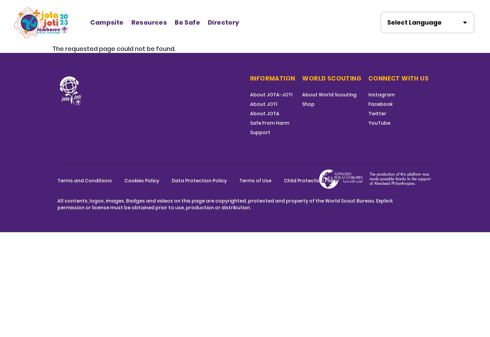 Image resolution: width=490 pixels, height=337 pixels. What do you see at coordinates (265, 113) in the screenshot?
I see `'About JOTA'` at bounding box center [265, 113].